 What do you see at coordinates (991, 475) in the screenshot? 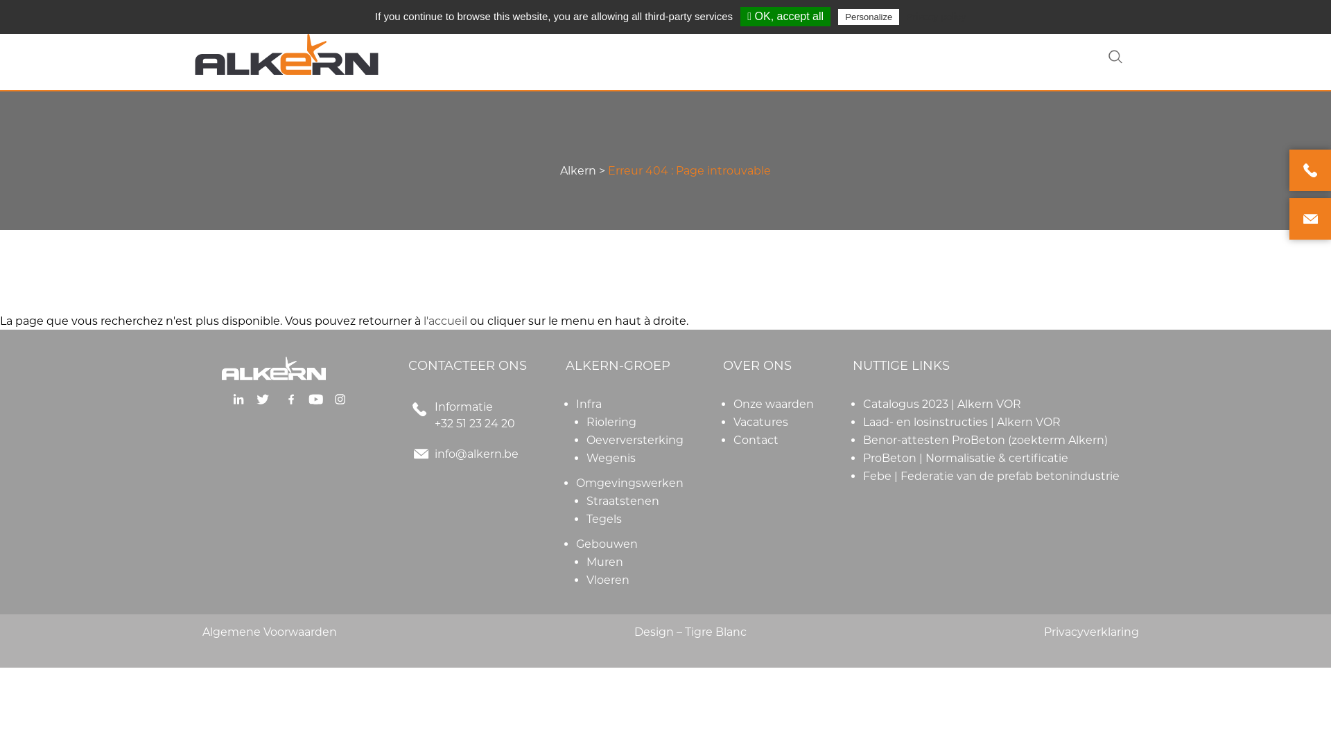
I see `'Febe | Federatie van de prefab betonindustrie'` at bounding box center [991, 475].